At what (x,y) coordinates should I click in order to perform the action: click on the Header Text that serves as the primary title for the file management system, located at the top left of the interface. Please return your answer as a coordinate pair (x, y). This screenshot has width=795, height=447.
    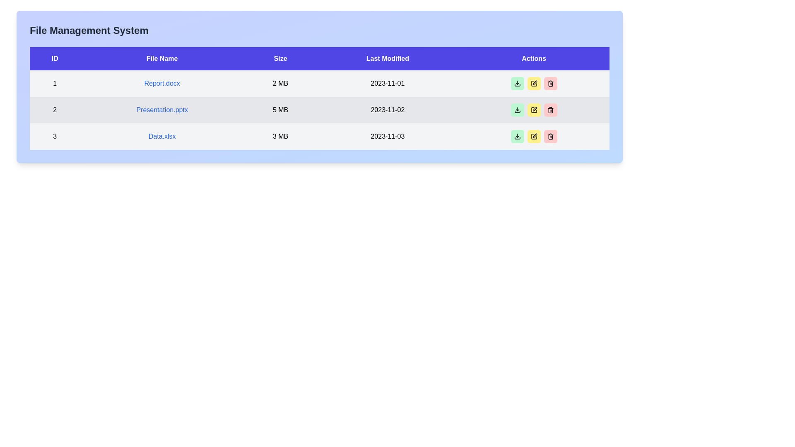
    Looking at the image, I should click on (89, 30).